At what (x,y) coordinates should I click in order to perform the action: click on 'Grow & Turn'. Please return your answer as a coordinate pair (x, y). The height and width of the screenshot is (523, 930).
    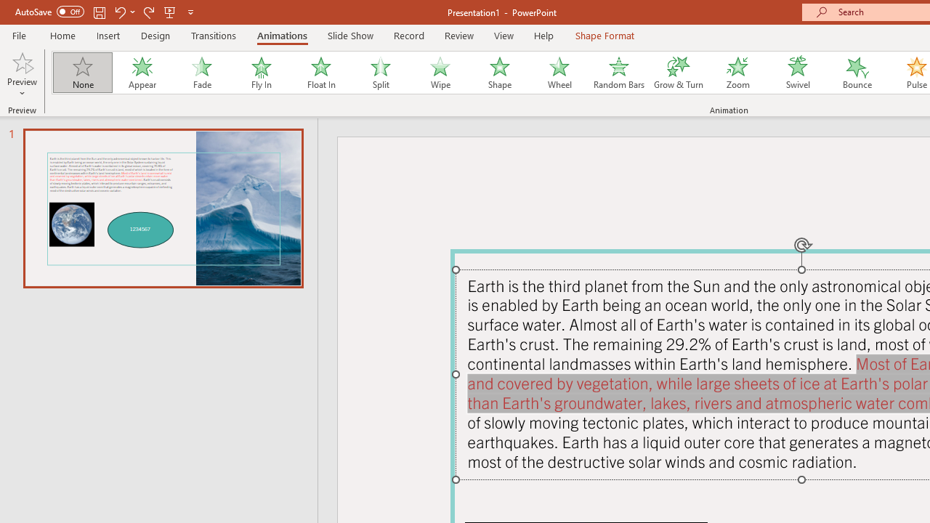
    Looking at the image, I should click on (678, 73).